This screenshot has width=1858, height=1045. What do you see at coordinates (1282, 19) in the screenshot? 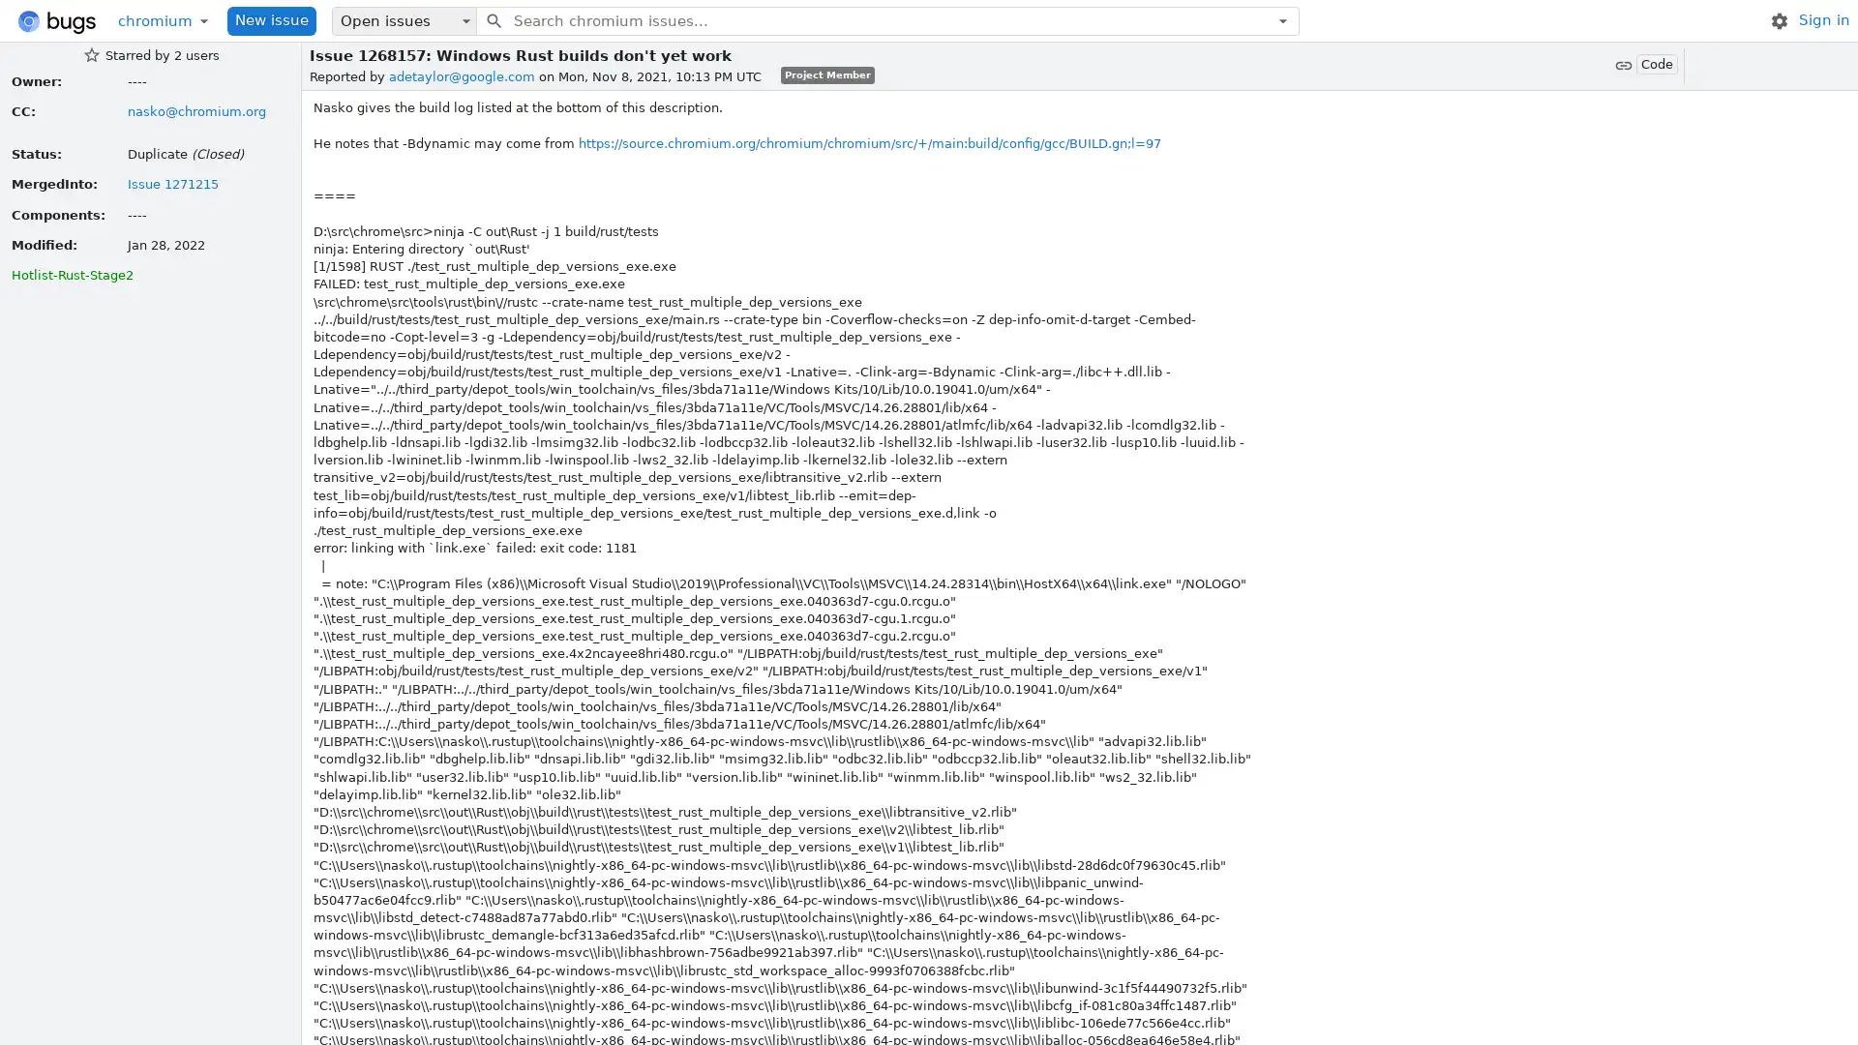
I see `Search options` at bounding box center [1282, 19].